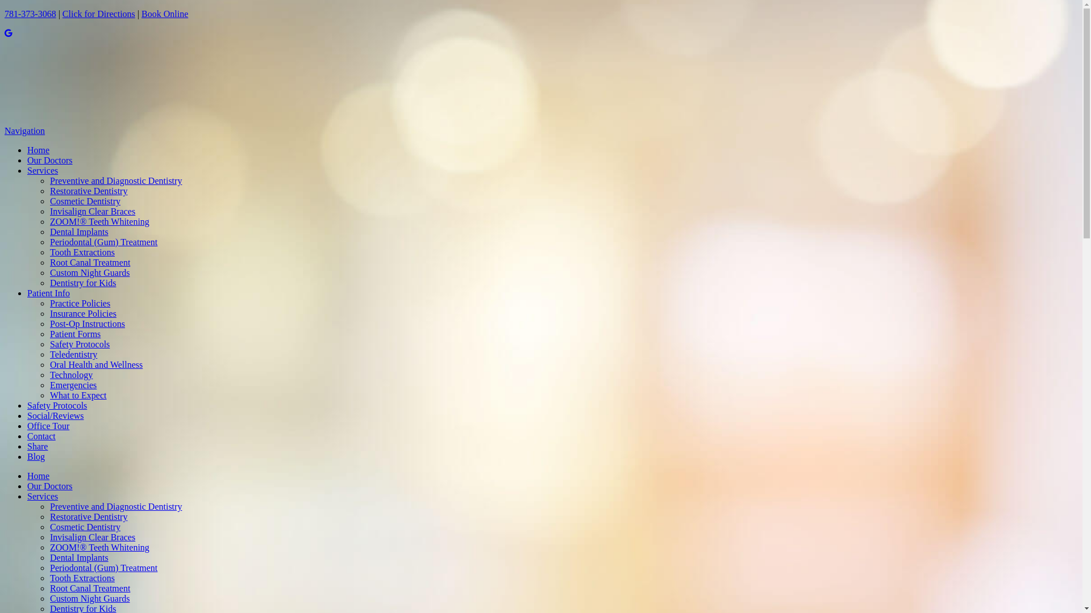 This screenshot has width=1091, height=613. I want to click on 'Root Canal Treatment', so click(89, 262).